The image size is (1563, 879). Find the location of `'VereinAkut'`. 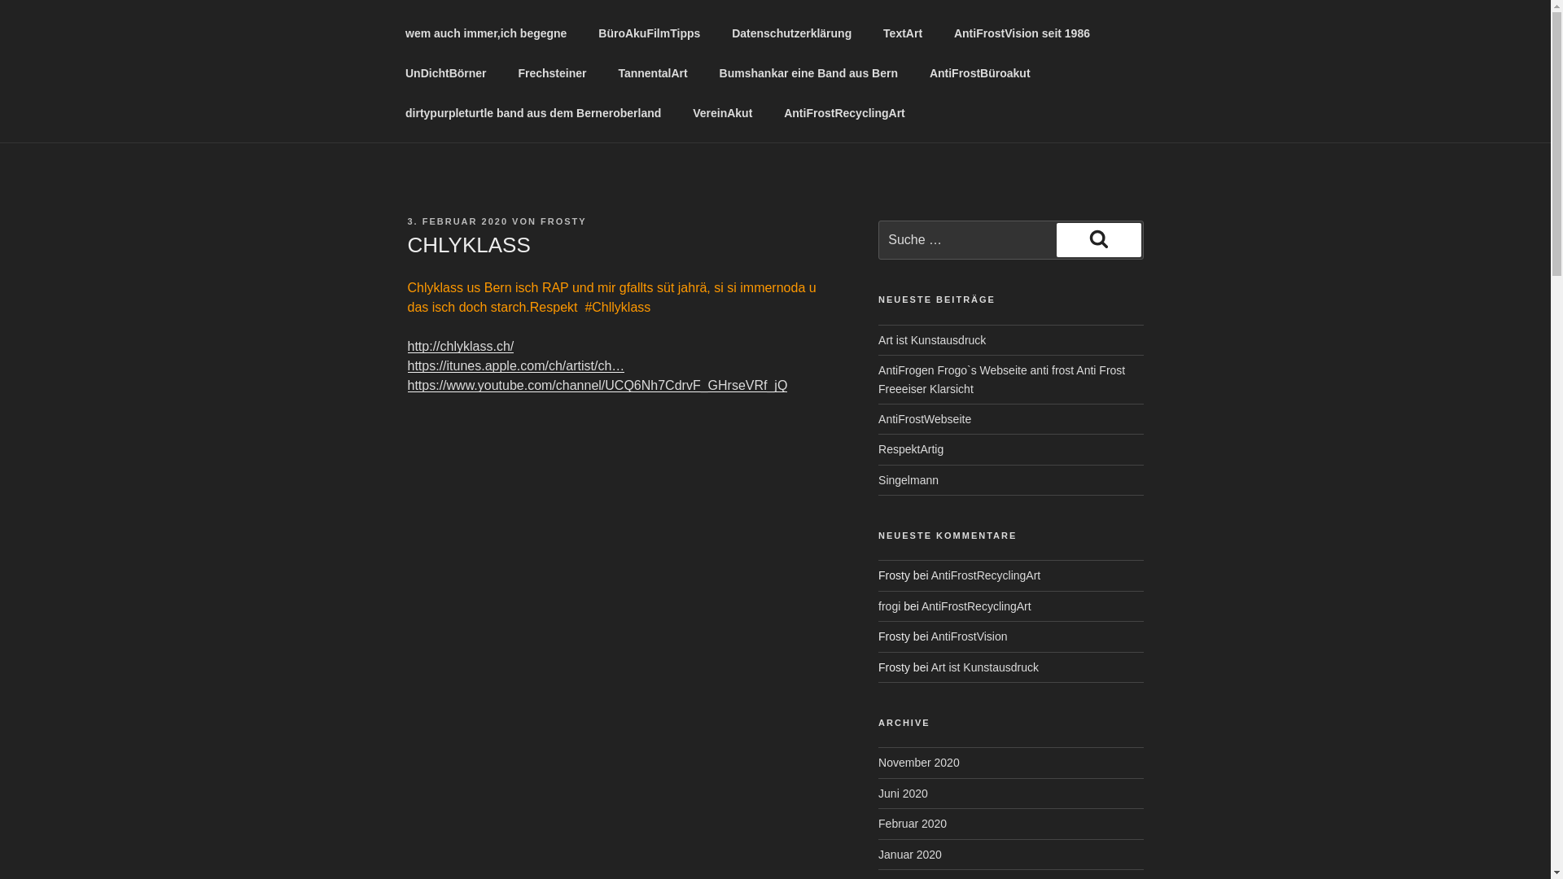

'VereinAkut' is located at coordinates (722, 112).